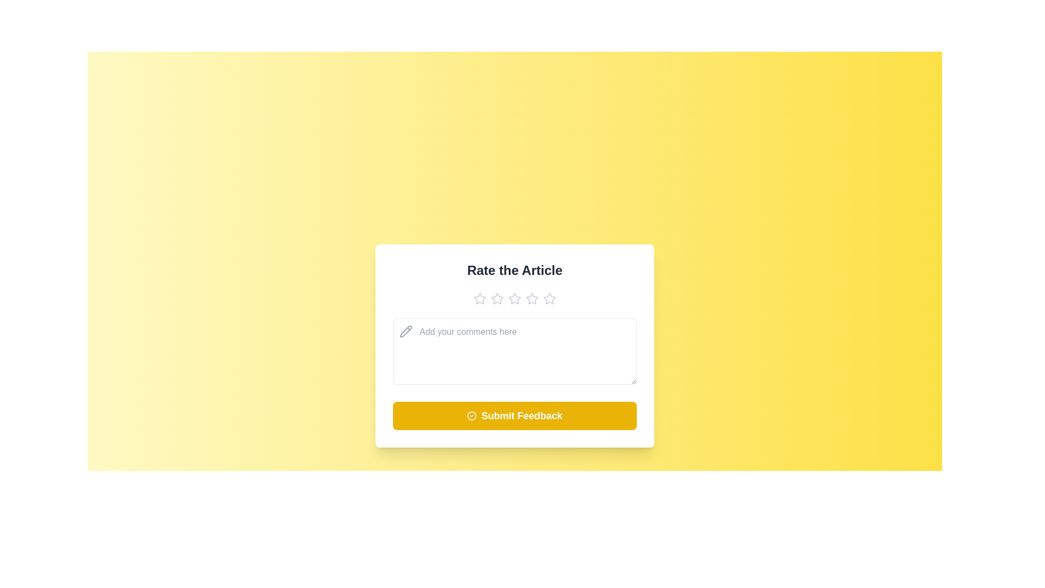 This screenshot has width=1045, height=588. I want to click on from the first star button at the top-center of the interface, so click(480, 298).